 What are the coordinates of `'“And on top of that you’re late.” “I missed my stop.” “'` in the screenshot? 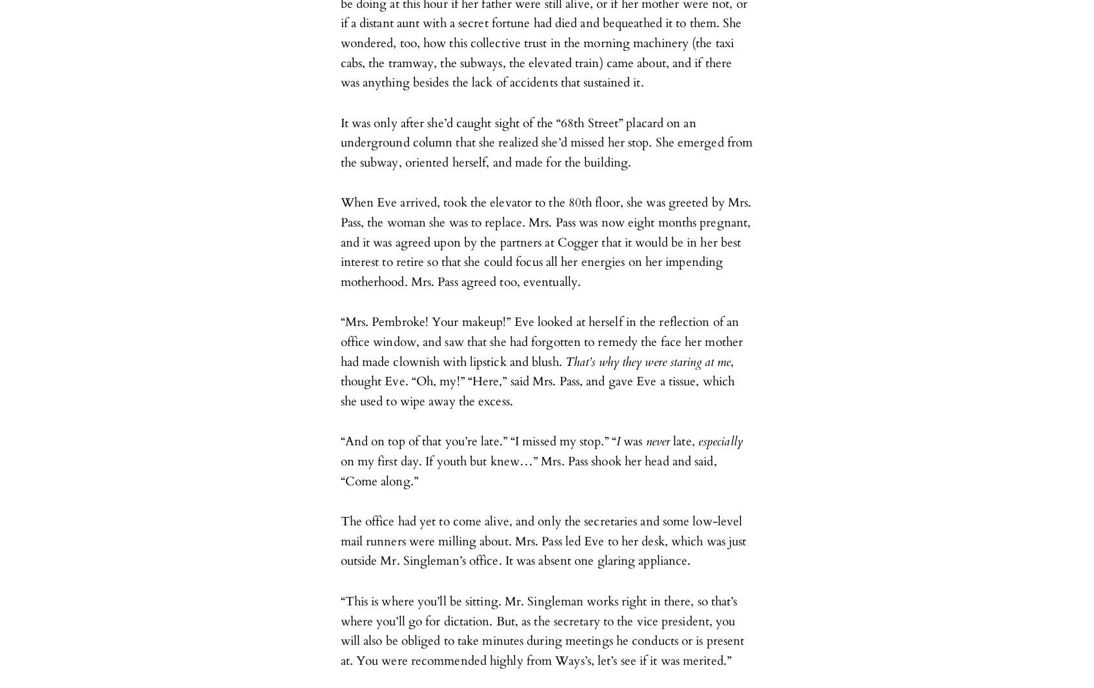 It's located at (339, 441).